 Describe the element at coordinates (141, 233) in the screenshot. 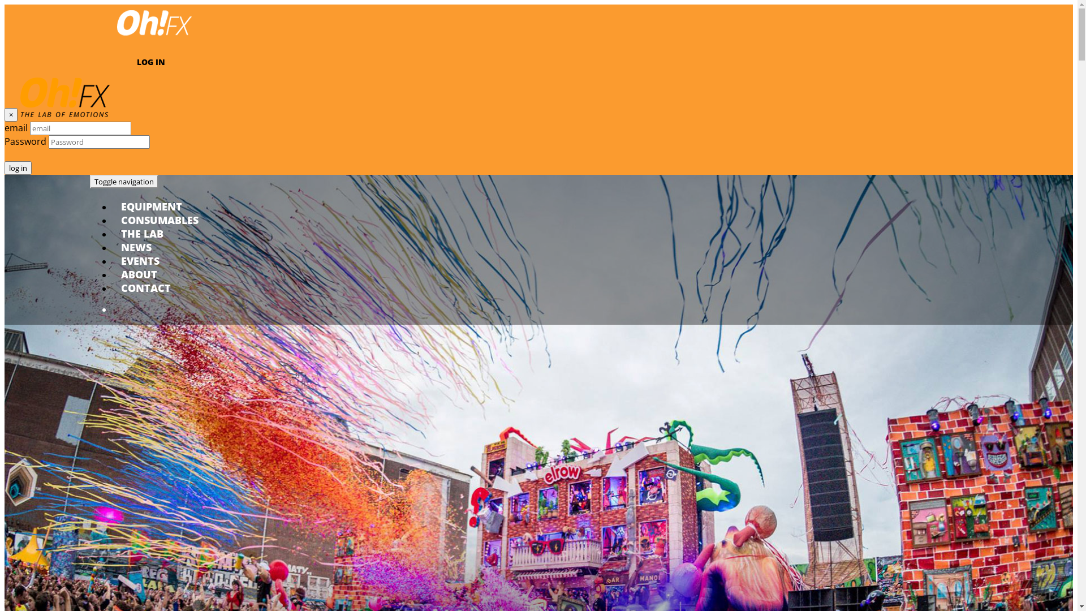

I see `'THE LAB'` at that location.